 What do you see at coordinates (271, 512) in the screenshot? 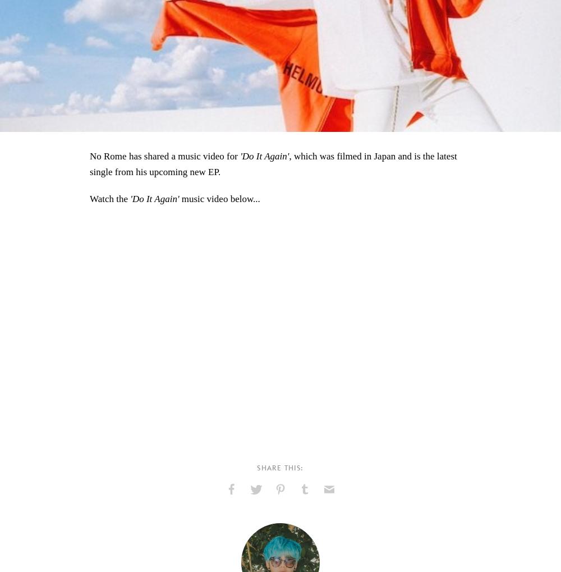
I see `'Pin on Pinterest'` at bounding box center [271, 512].